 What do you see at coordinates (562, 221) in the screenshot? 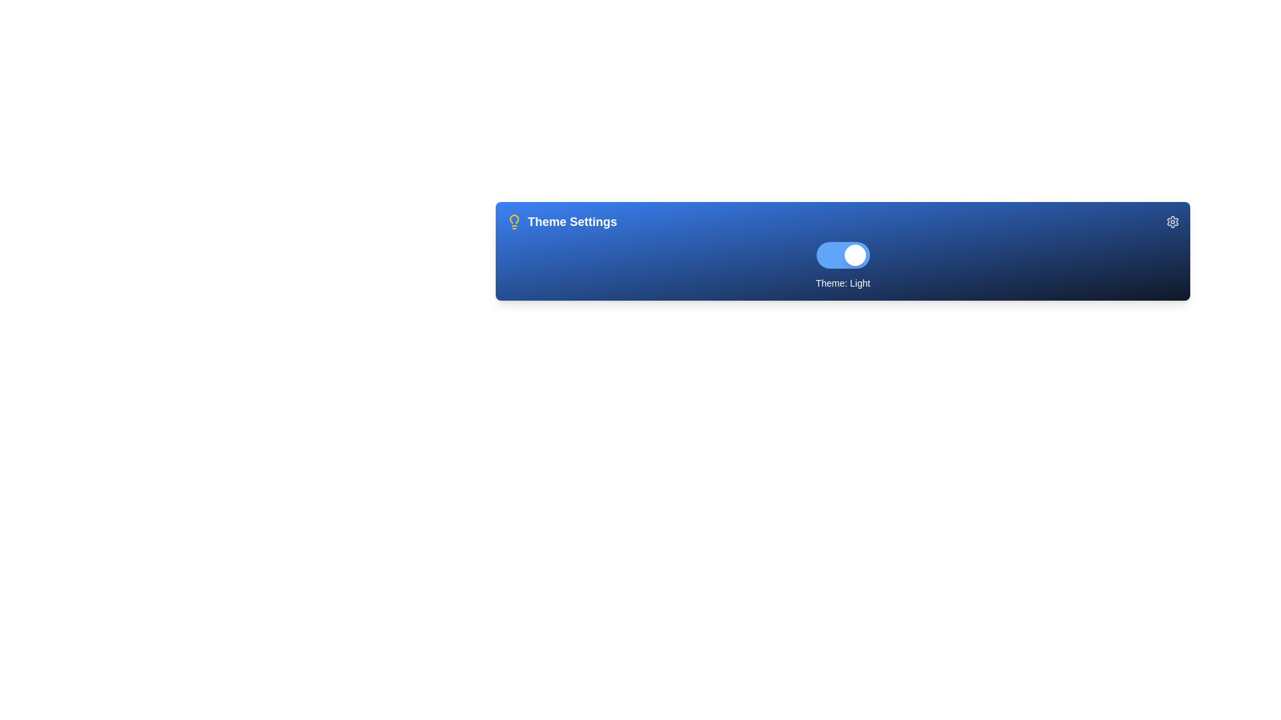
I see `the label that indicates the theme customization settings, located to the left of the toggle switch labeled 'Theme: Light'` at bounding box center [562, 221].